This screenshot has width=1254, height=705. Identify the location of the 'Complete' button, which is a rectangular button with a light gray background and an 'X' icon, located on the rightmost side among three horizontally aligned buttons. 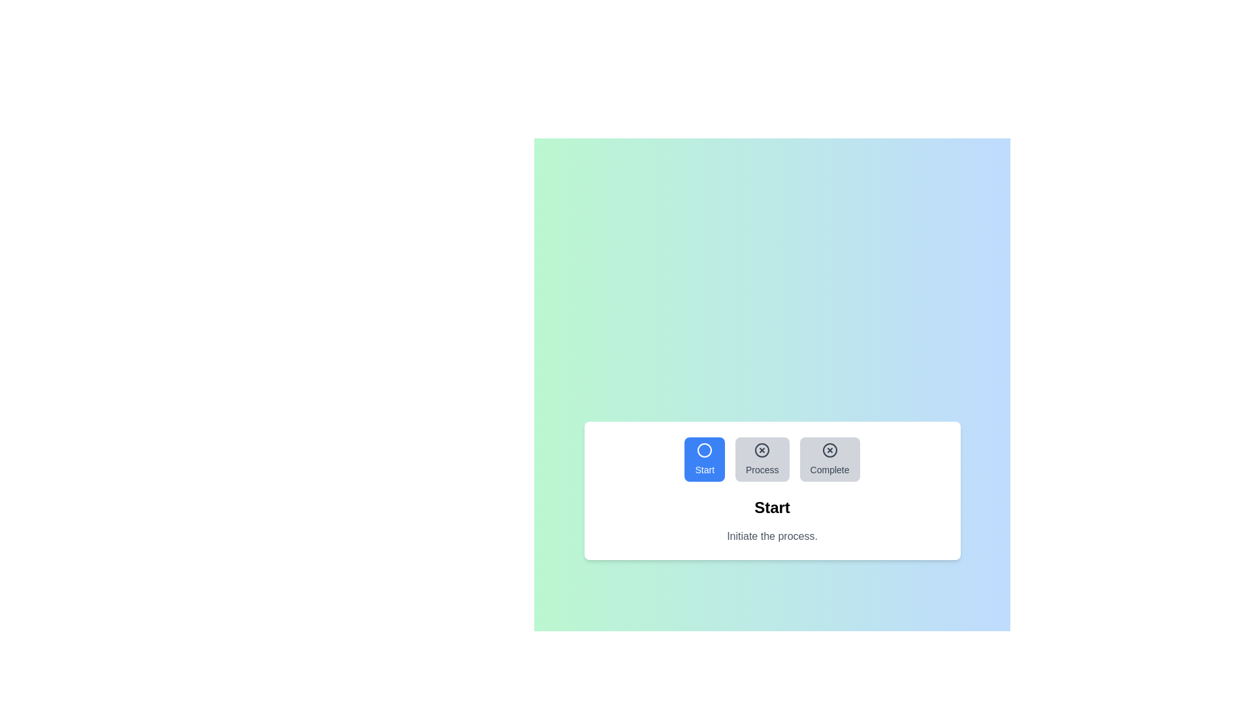
(829, 459).